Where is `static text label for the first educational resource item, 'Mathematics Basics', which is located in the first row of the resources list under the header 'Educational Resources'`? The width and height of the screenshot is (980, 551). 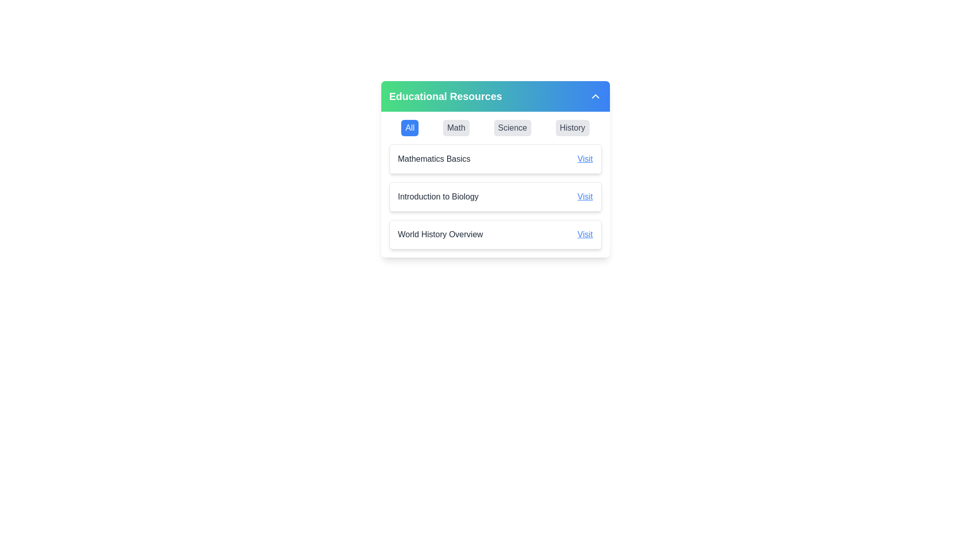
static text label for the first educational resource item, 'Mathematics Basics', which is located in the first row of the resources list under the header 'Educational Resources' is located at coordinates (434, 159).